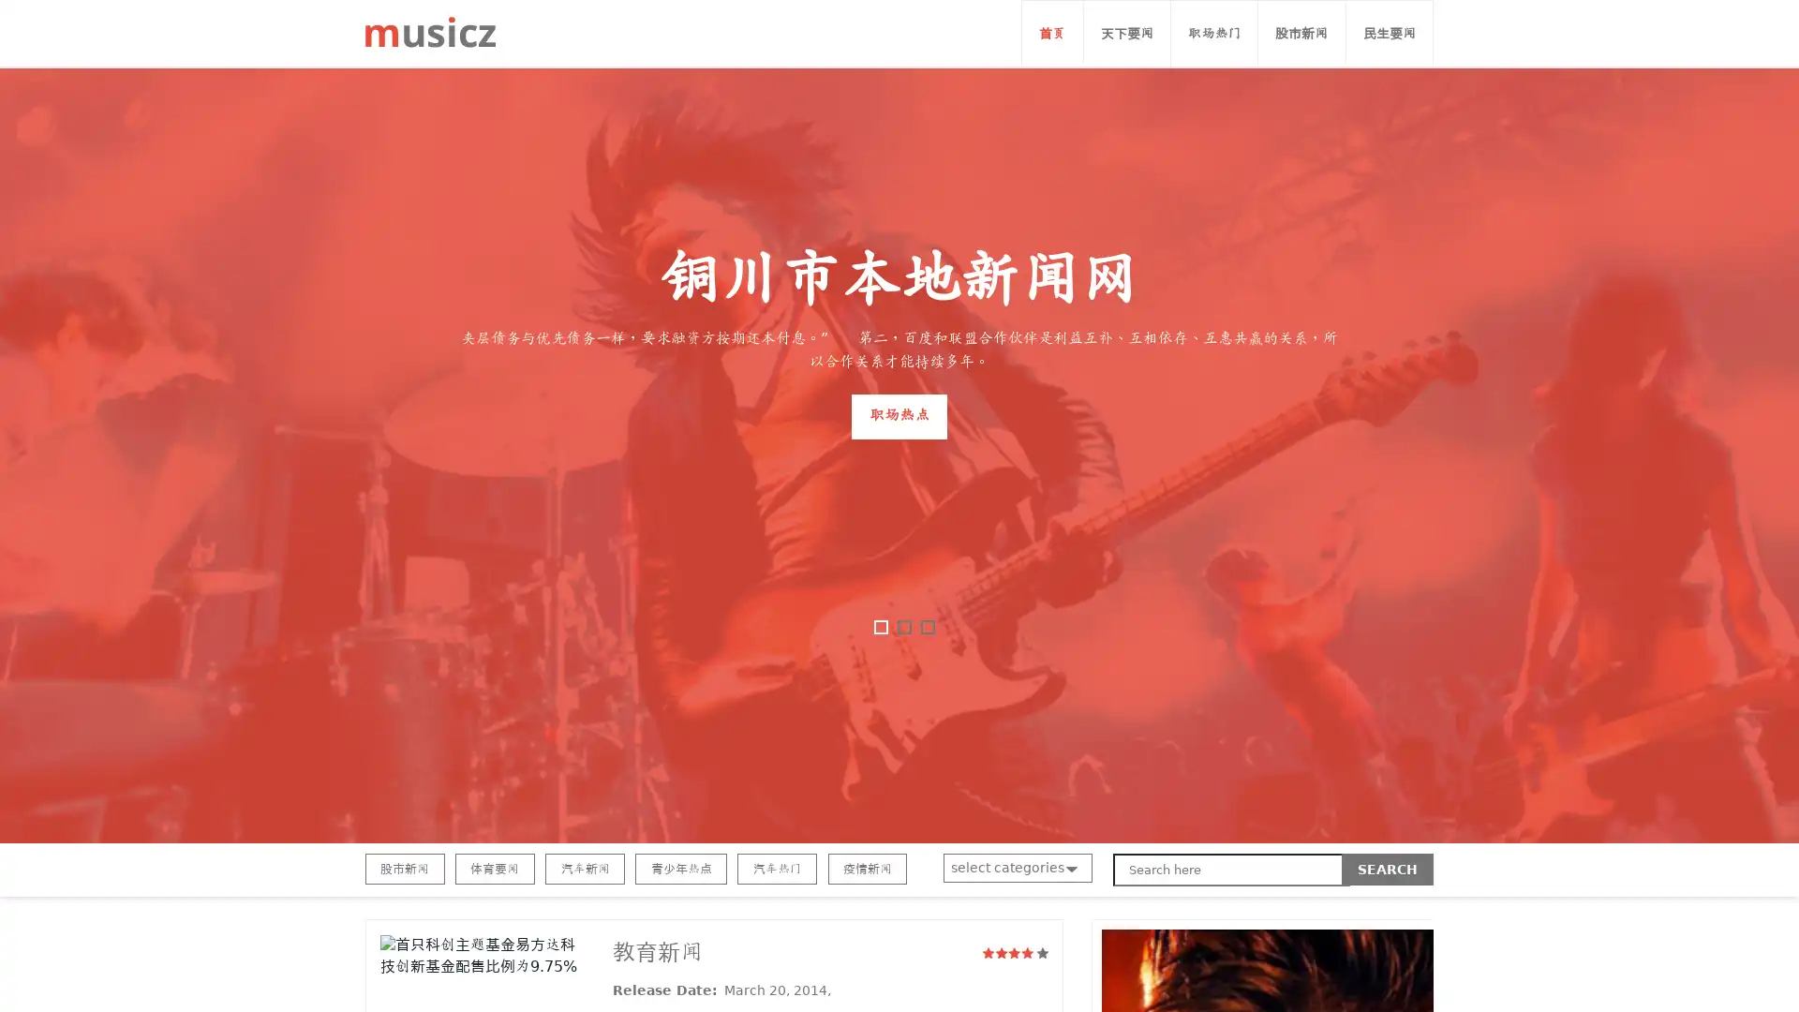  I want to click on search, so click(1388, 870).